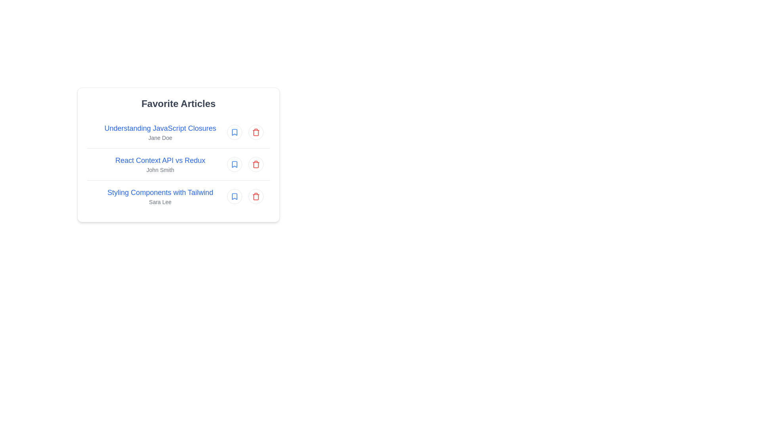  What do you see at coordinates (178, 196) in the screenshot?
I see `the article entry titled 'Styling Components with Tailwind'` at bounding box center [178, 196].